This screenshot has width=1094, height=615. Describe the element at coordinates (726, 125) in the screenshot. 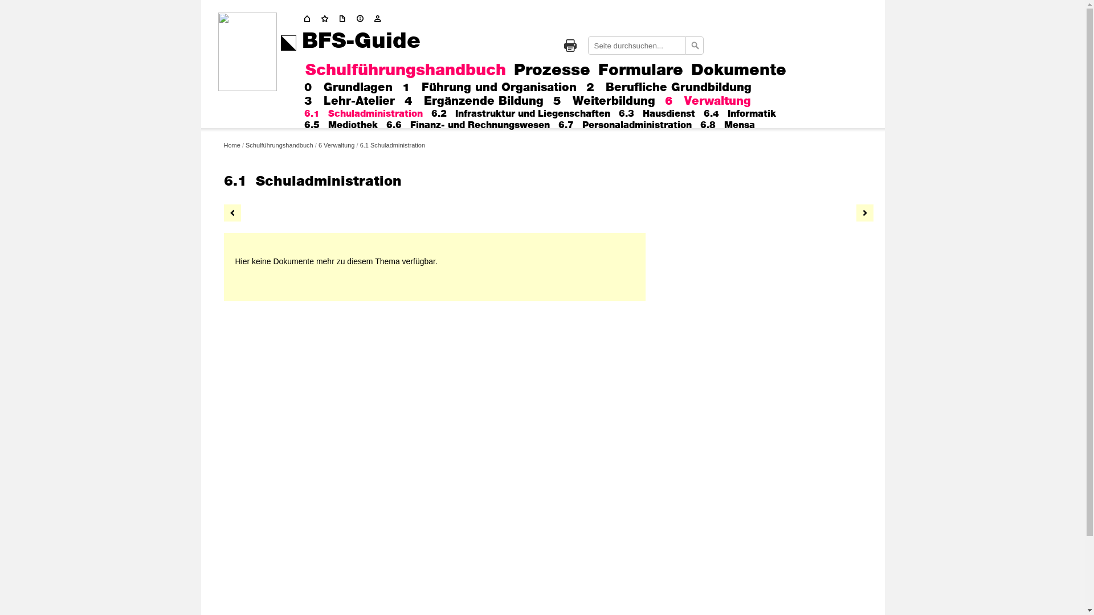

I see `'6.8   Mensa'` at that location.